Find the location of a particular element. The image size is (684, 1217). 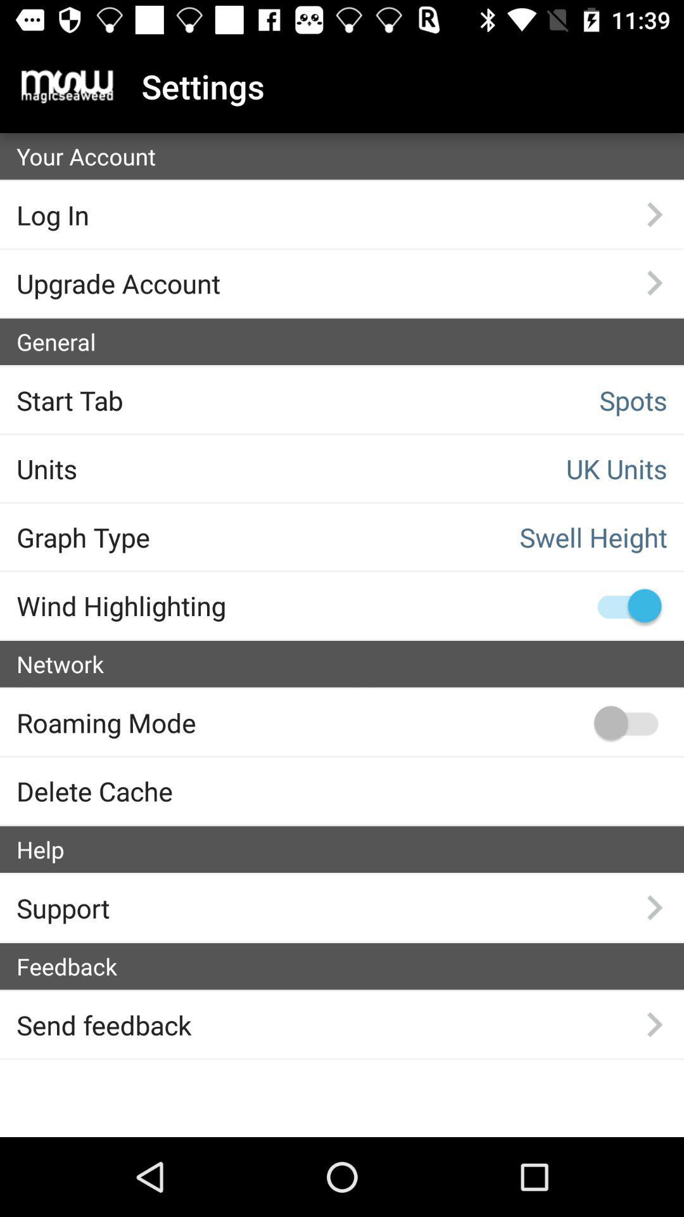

the button which is above the support is located at coordinates (350, 849).